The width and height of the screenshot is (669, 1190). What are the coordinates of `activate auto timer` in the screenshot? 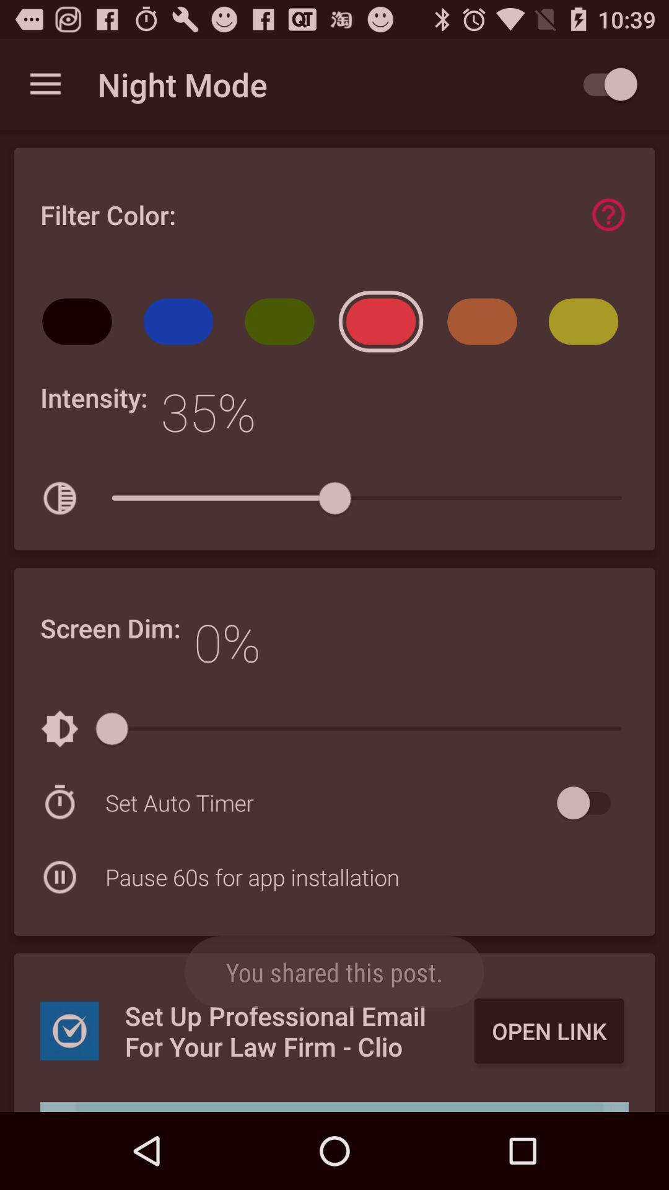 It's located at (589, 803).